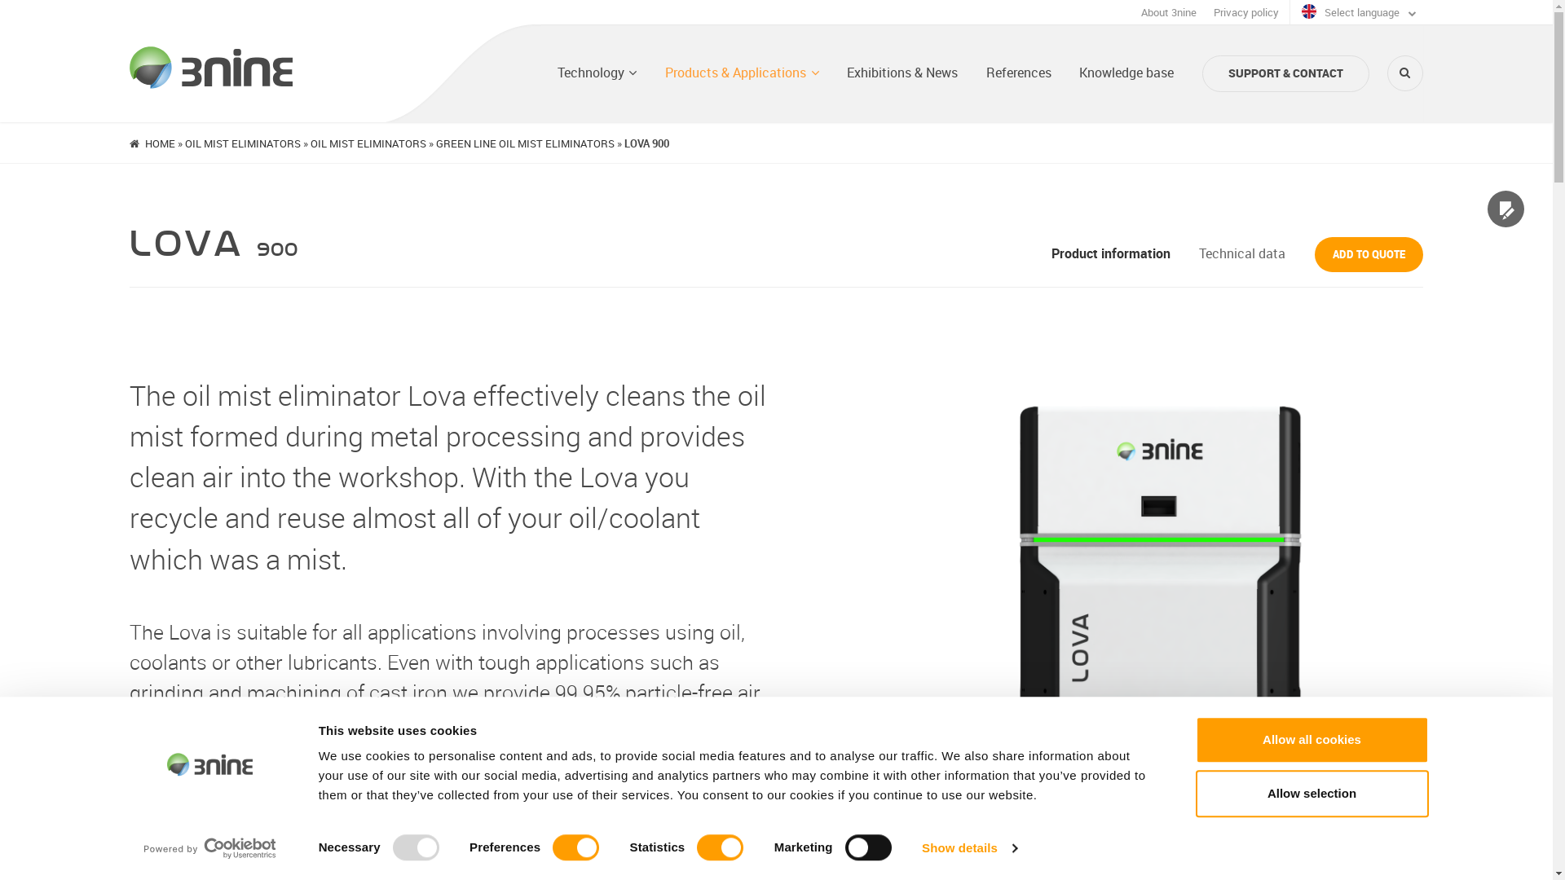  I want to click on 'Allow all cookies', so click(1311, 739).